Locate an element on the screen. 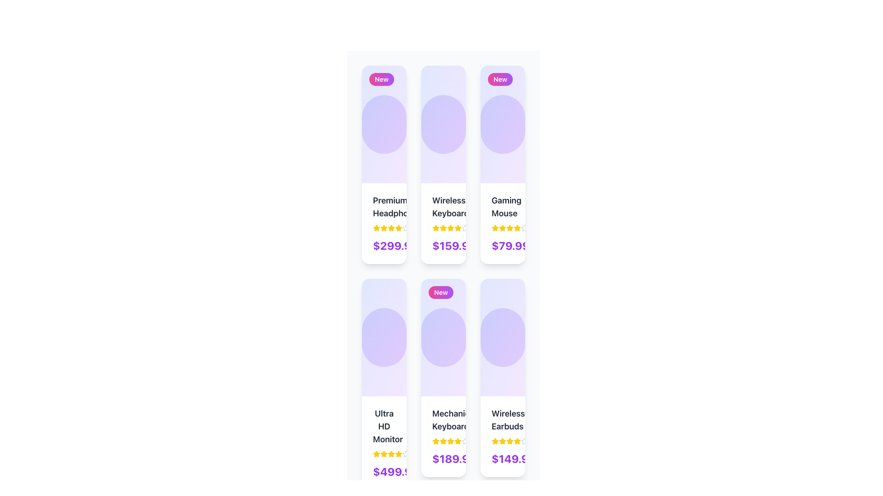 This screenshot has height=496, width=883. the 'Ultra HD Monitor' product card, which is the fourth card in a three-column grid layout is located at coordinates (384, 384).